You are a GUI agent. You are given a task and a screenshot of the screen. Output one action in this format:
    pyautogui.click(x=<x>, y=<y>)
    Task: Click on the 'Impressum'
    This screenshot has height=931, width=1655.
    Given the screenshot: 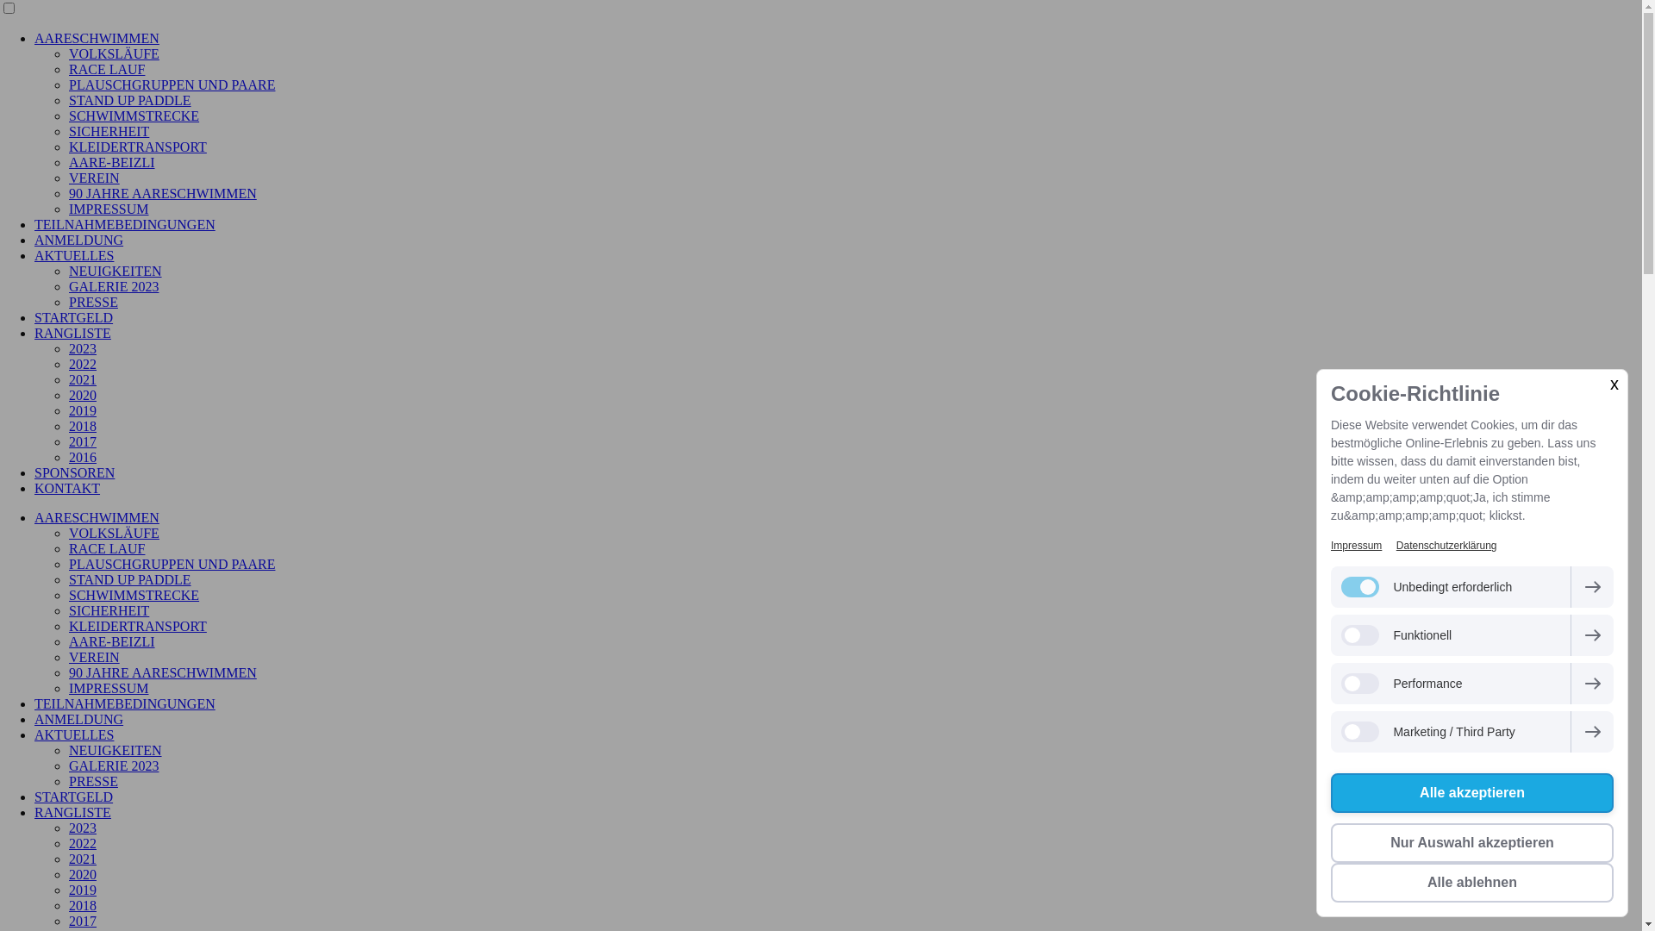 What is the action you would take?
    pyautogui.click(x=1355, y=545)
    